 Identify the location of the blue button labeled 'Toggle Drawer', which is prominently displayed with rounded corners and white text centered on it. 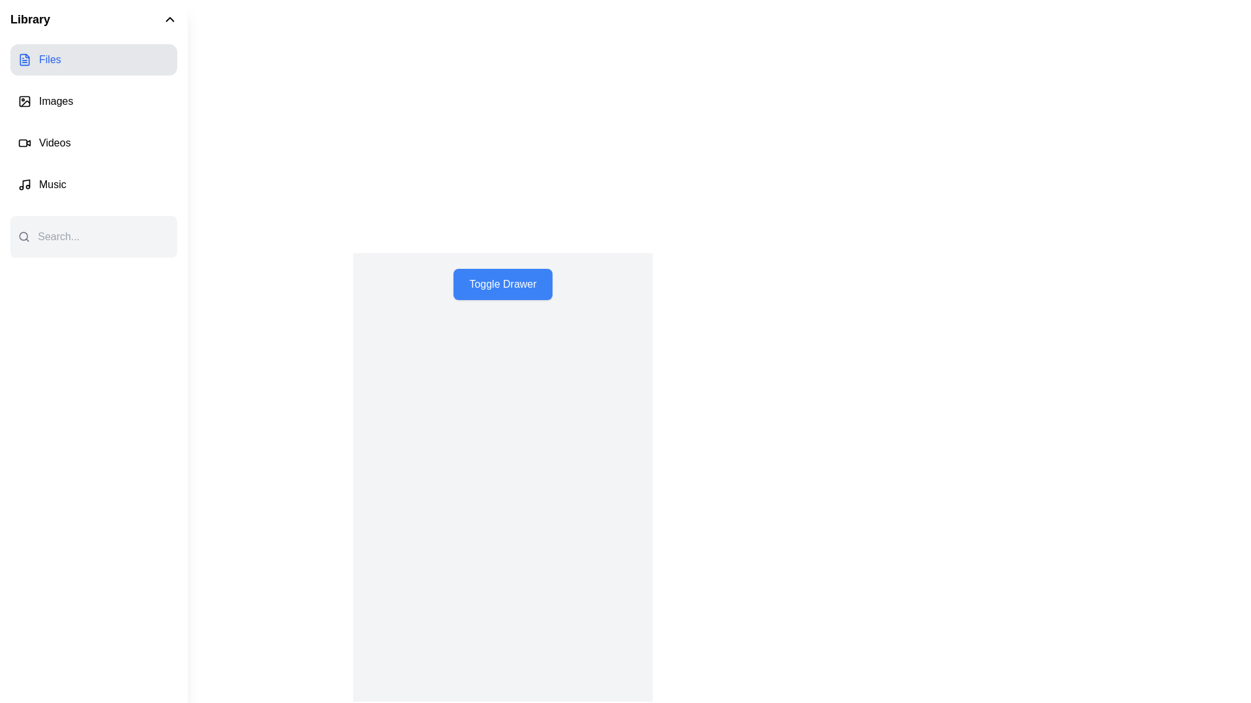
(502, 283).